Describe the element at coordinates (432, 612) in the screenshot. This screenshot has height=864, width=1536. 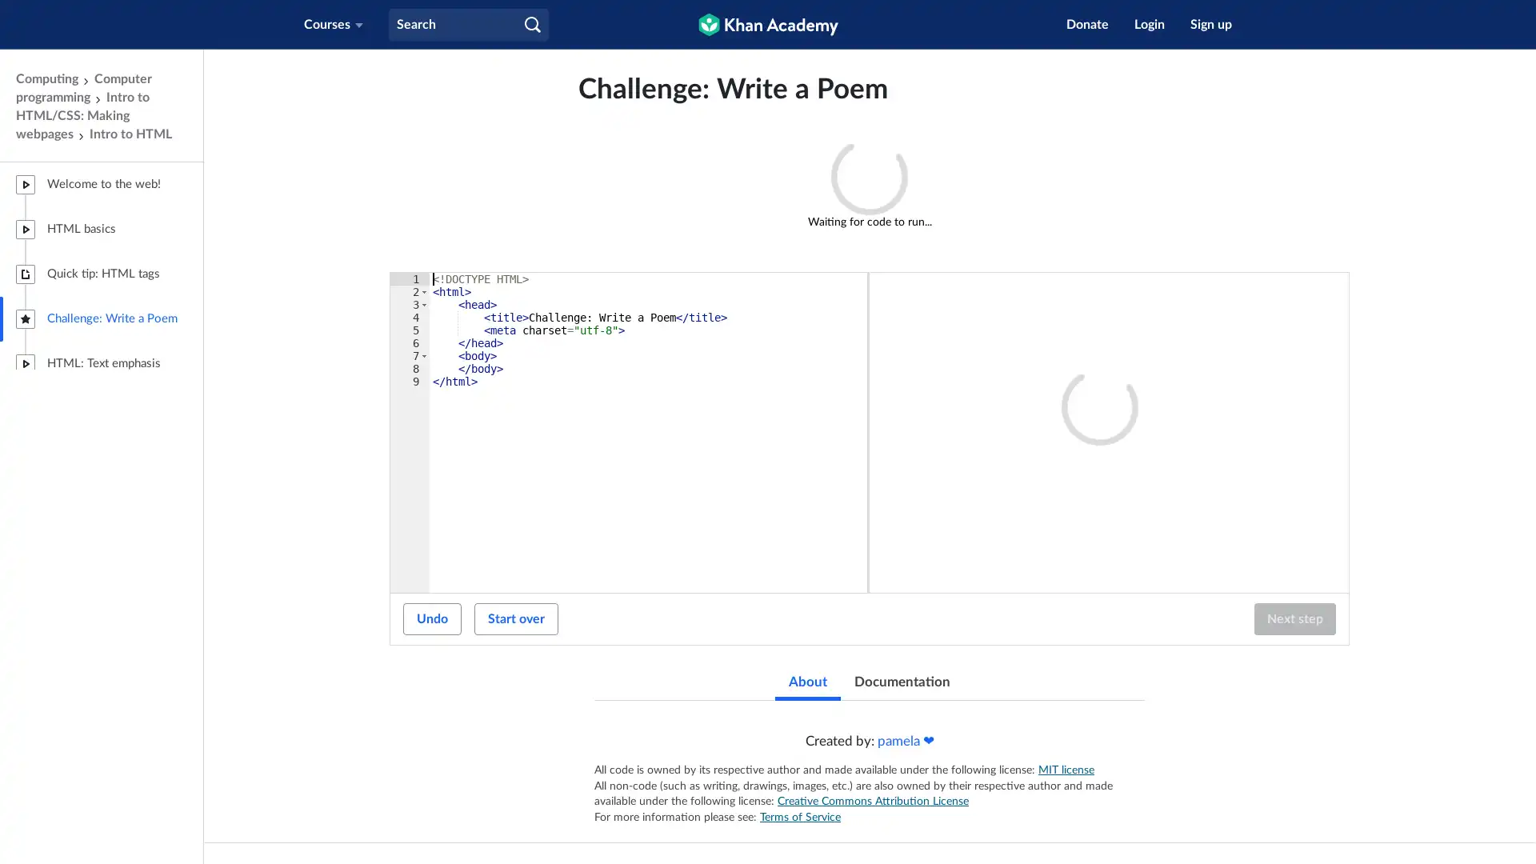
I see `Undo` at that location.